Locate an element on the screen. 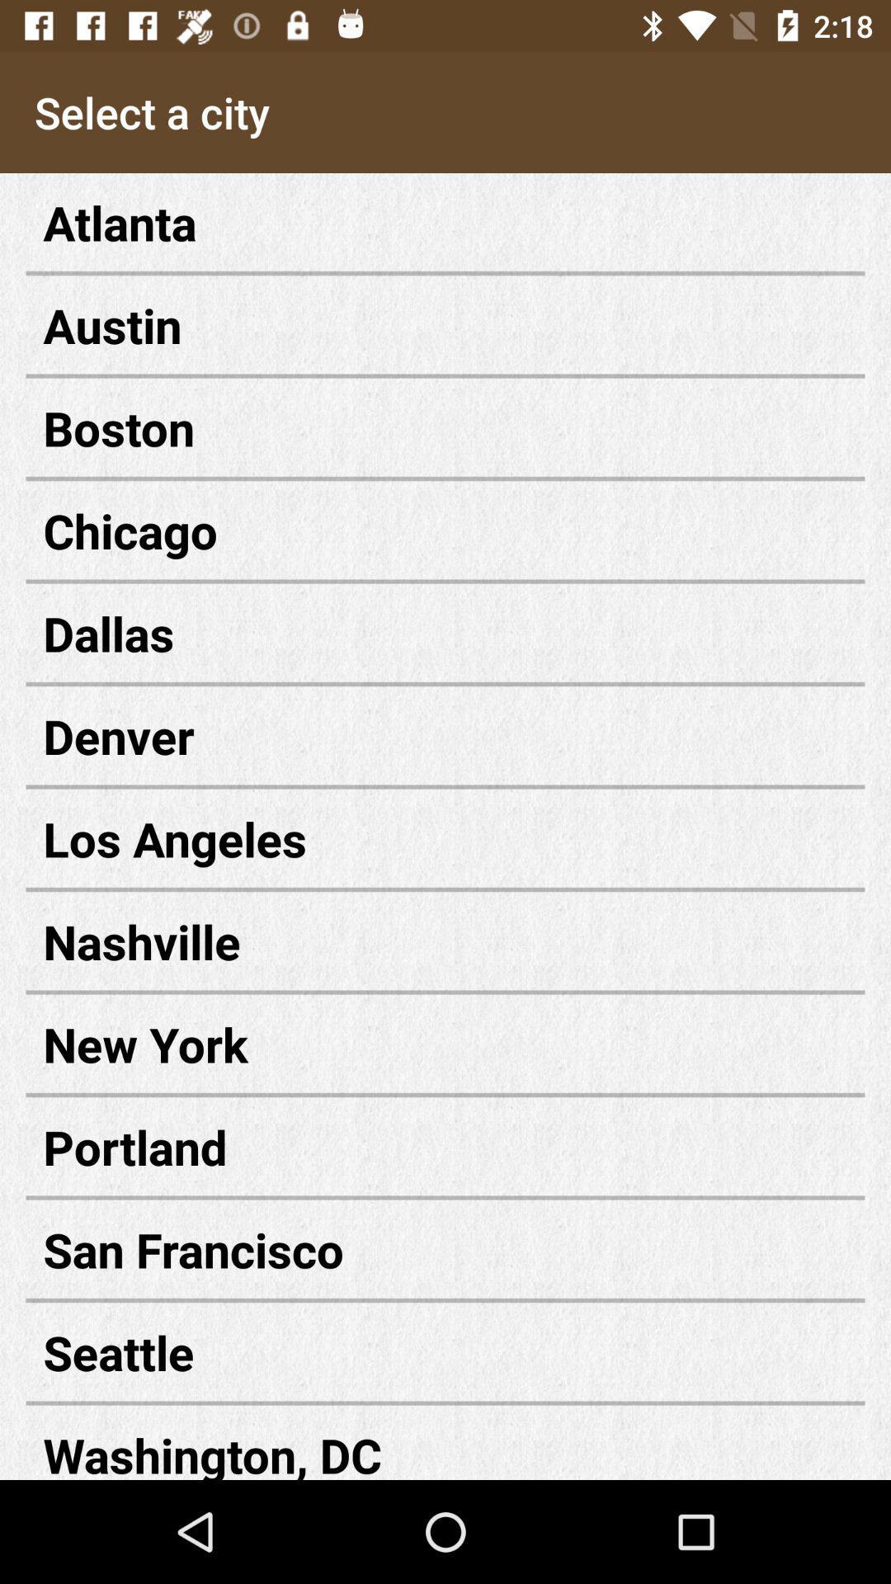 This screenshot has height=1584, width=891. nashville icon is located at coordinates (445, 941).